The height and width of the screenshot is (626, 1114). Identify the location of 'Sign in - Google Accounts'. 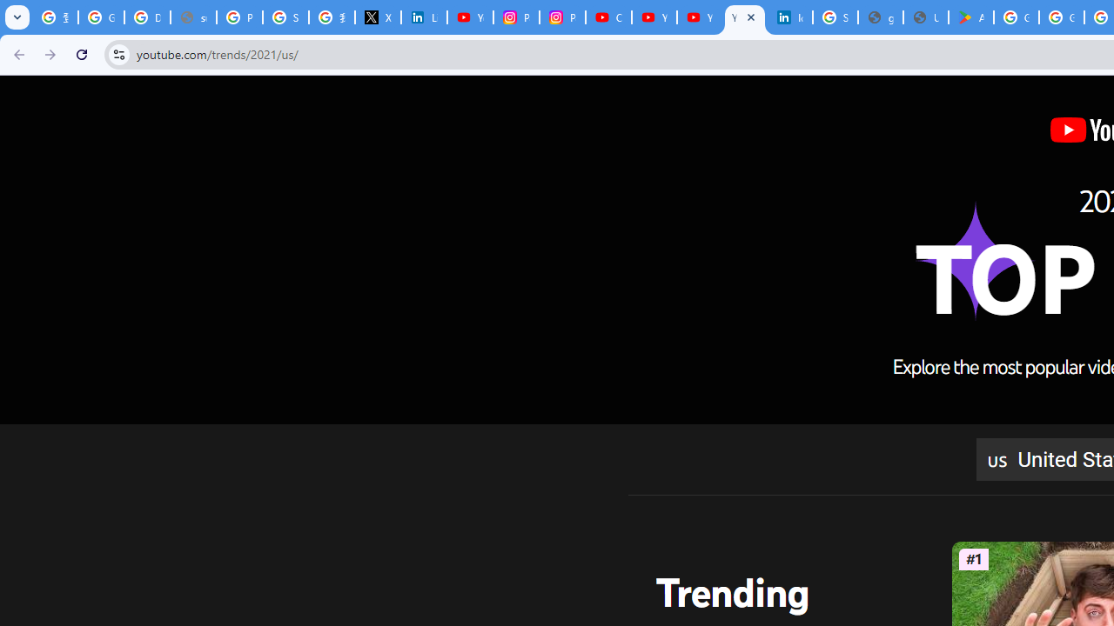
(285, 17).